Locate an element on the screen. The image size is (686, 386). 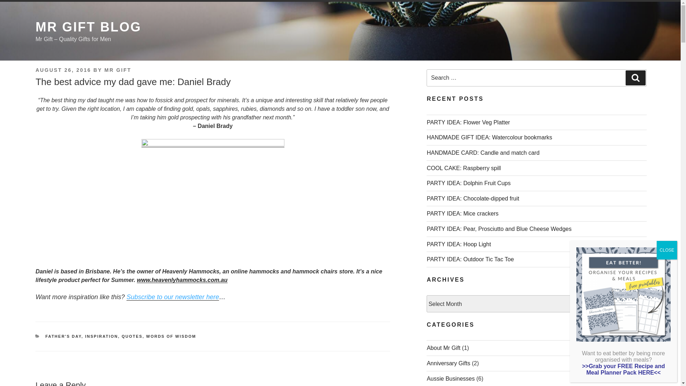
'PARTY IDEA: Flower Veg Platter' is located at coordinates (468, 122).